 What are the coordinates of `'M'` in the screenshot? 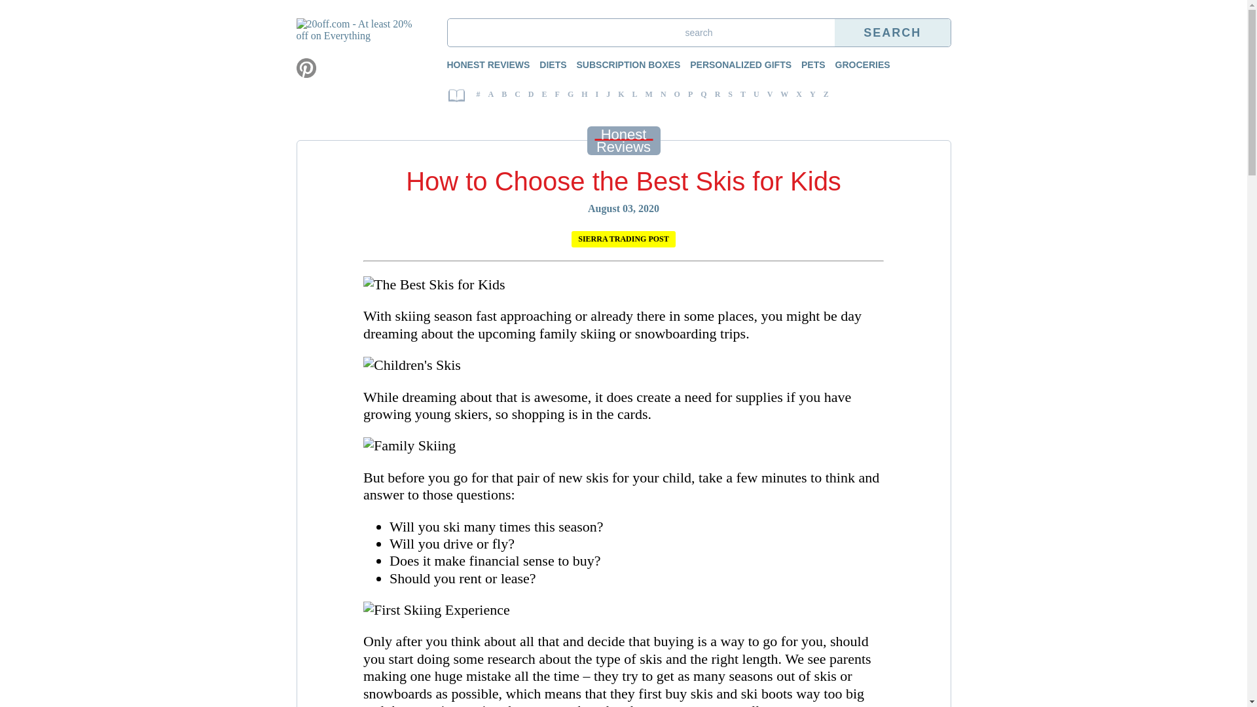 It's located at (649, 94).